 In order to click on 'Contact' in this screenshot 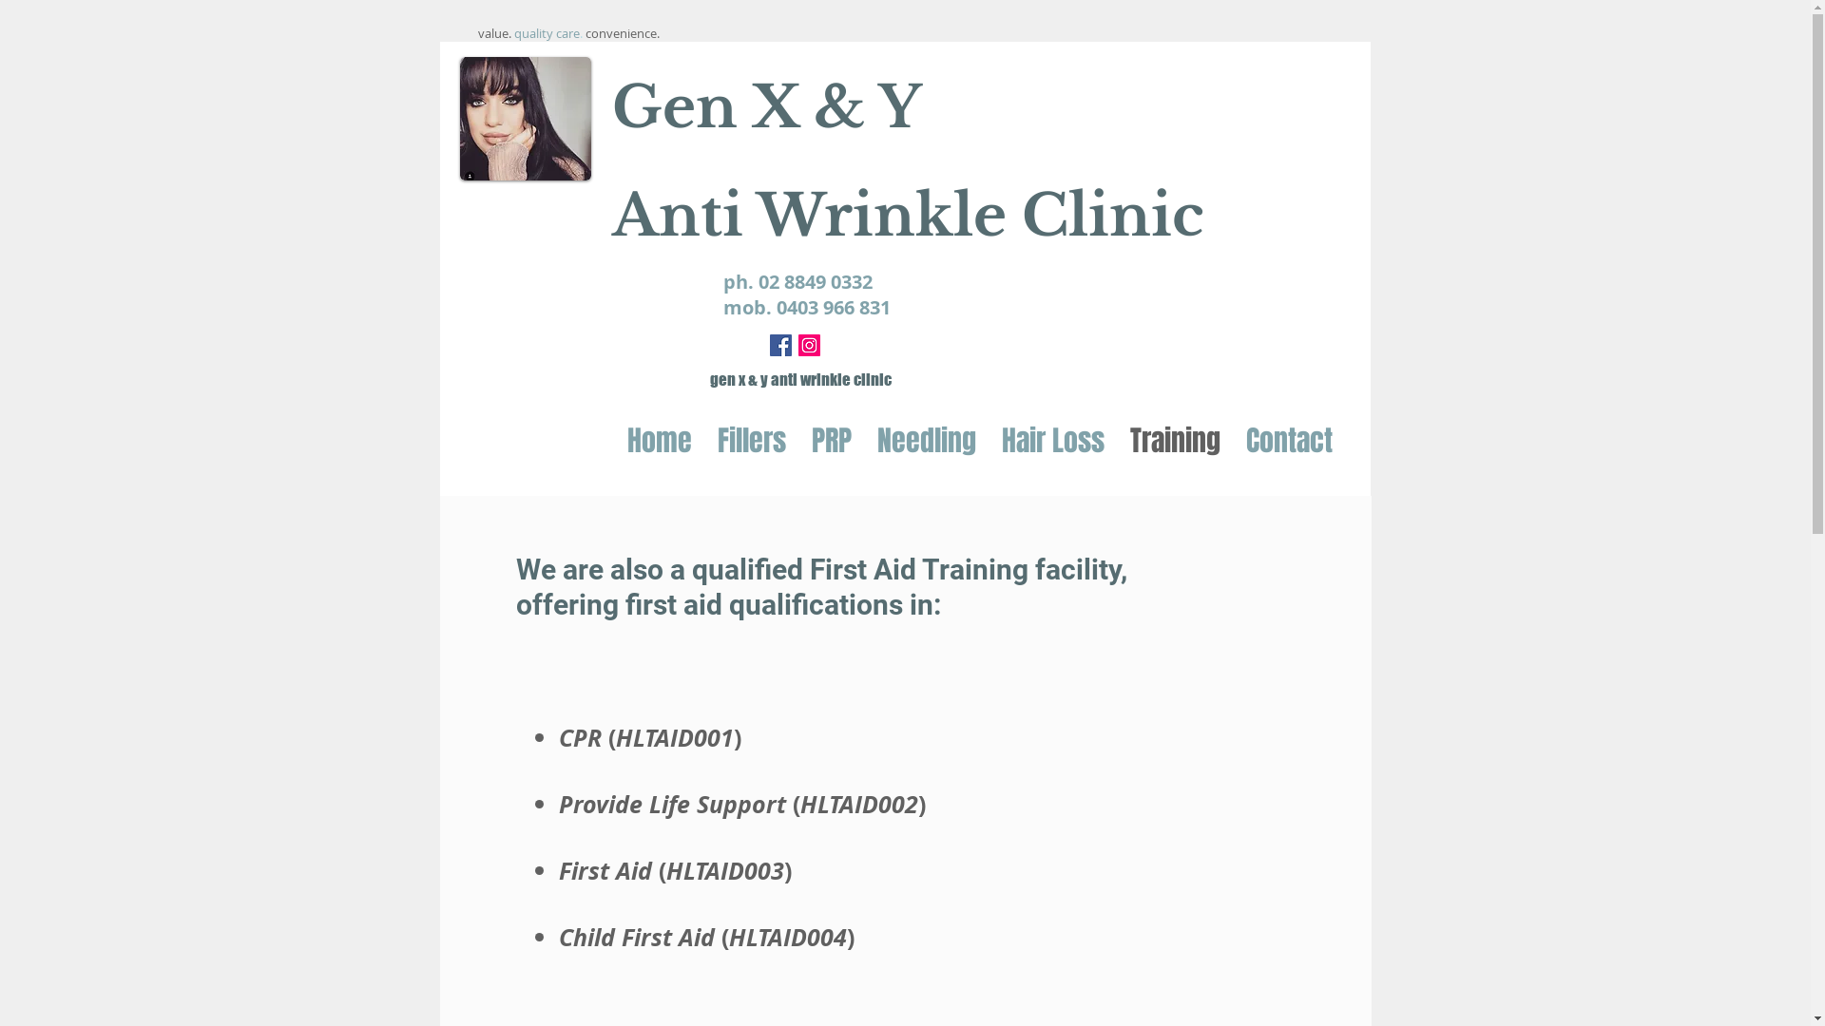, I will do `click(1233, 440)`.